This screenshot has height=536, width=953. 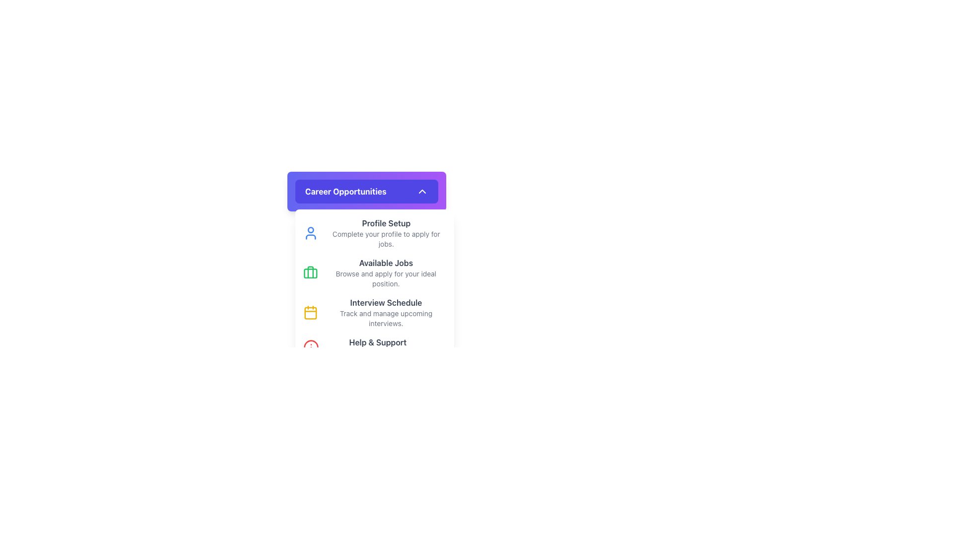 What do you see at coordinates (385, 279) in the screenshot?
I see `the supplementary information text located under the 'Available Jobs' title in the 'Career Opportunities' section` at bounding box center [385, 279].